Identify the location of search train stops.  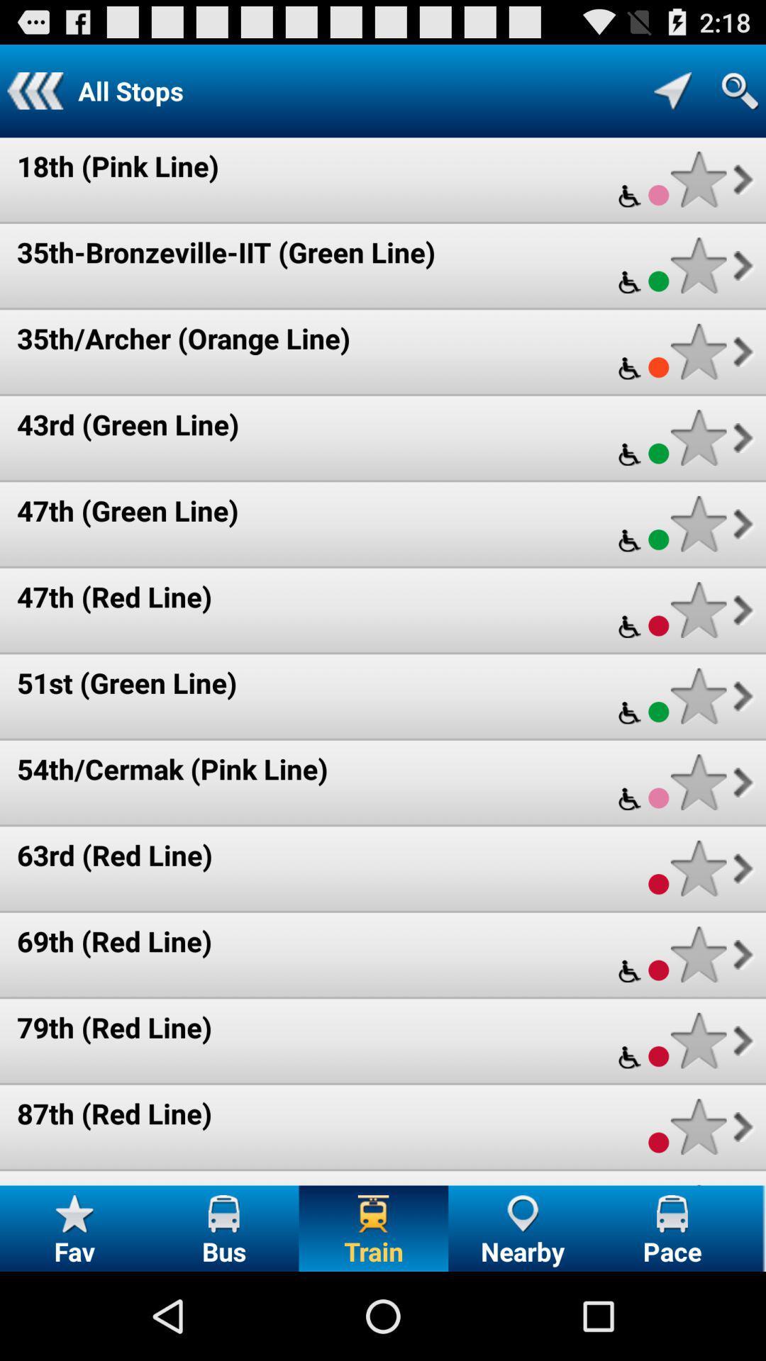
(739, 90).